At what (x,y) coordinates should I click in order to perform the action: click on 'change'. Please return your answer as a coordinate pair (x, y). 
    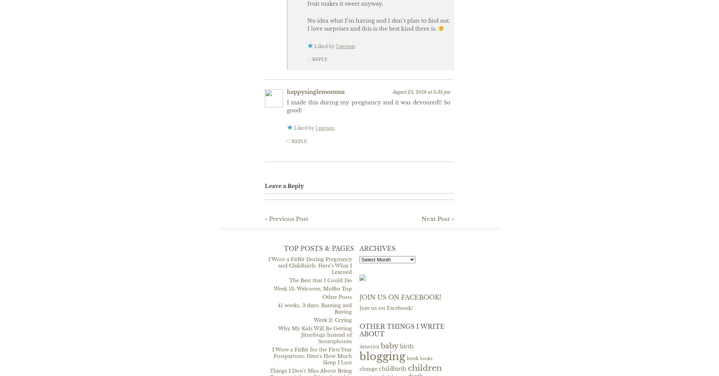
    Looking at the image, I should click on (368, 368).